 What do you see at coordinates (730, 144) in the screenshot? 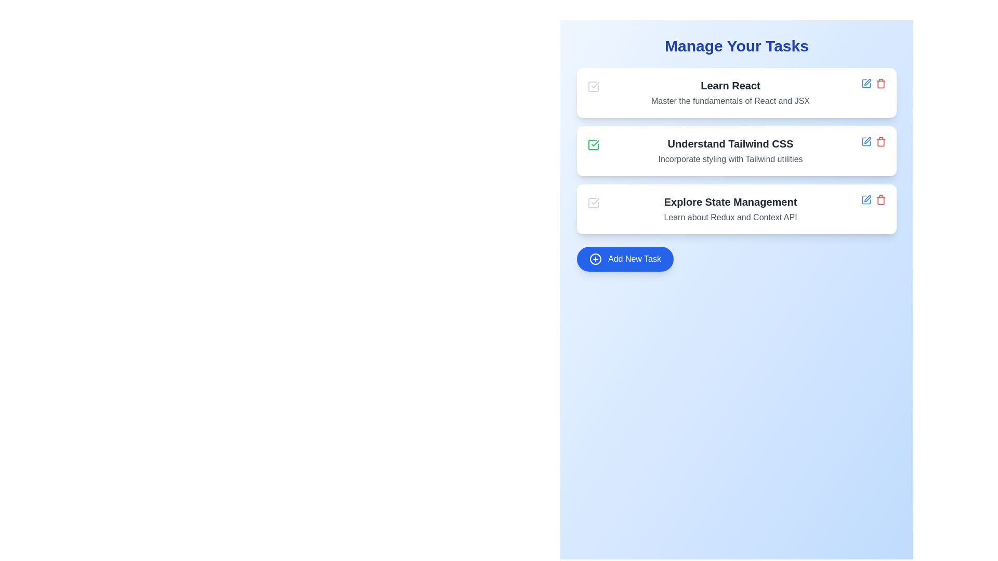
I see `the text label 'Understand Tailwind CSS' which is styled in bold, large font and located at the top of the second task card in a vertical list` at bounding box center [730, 144].